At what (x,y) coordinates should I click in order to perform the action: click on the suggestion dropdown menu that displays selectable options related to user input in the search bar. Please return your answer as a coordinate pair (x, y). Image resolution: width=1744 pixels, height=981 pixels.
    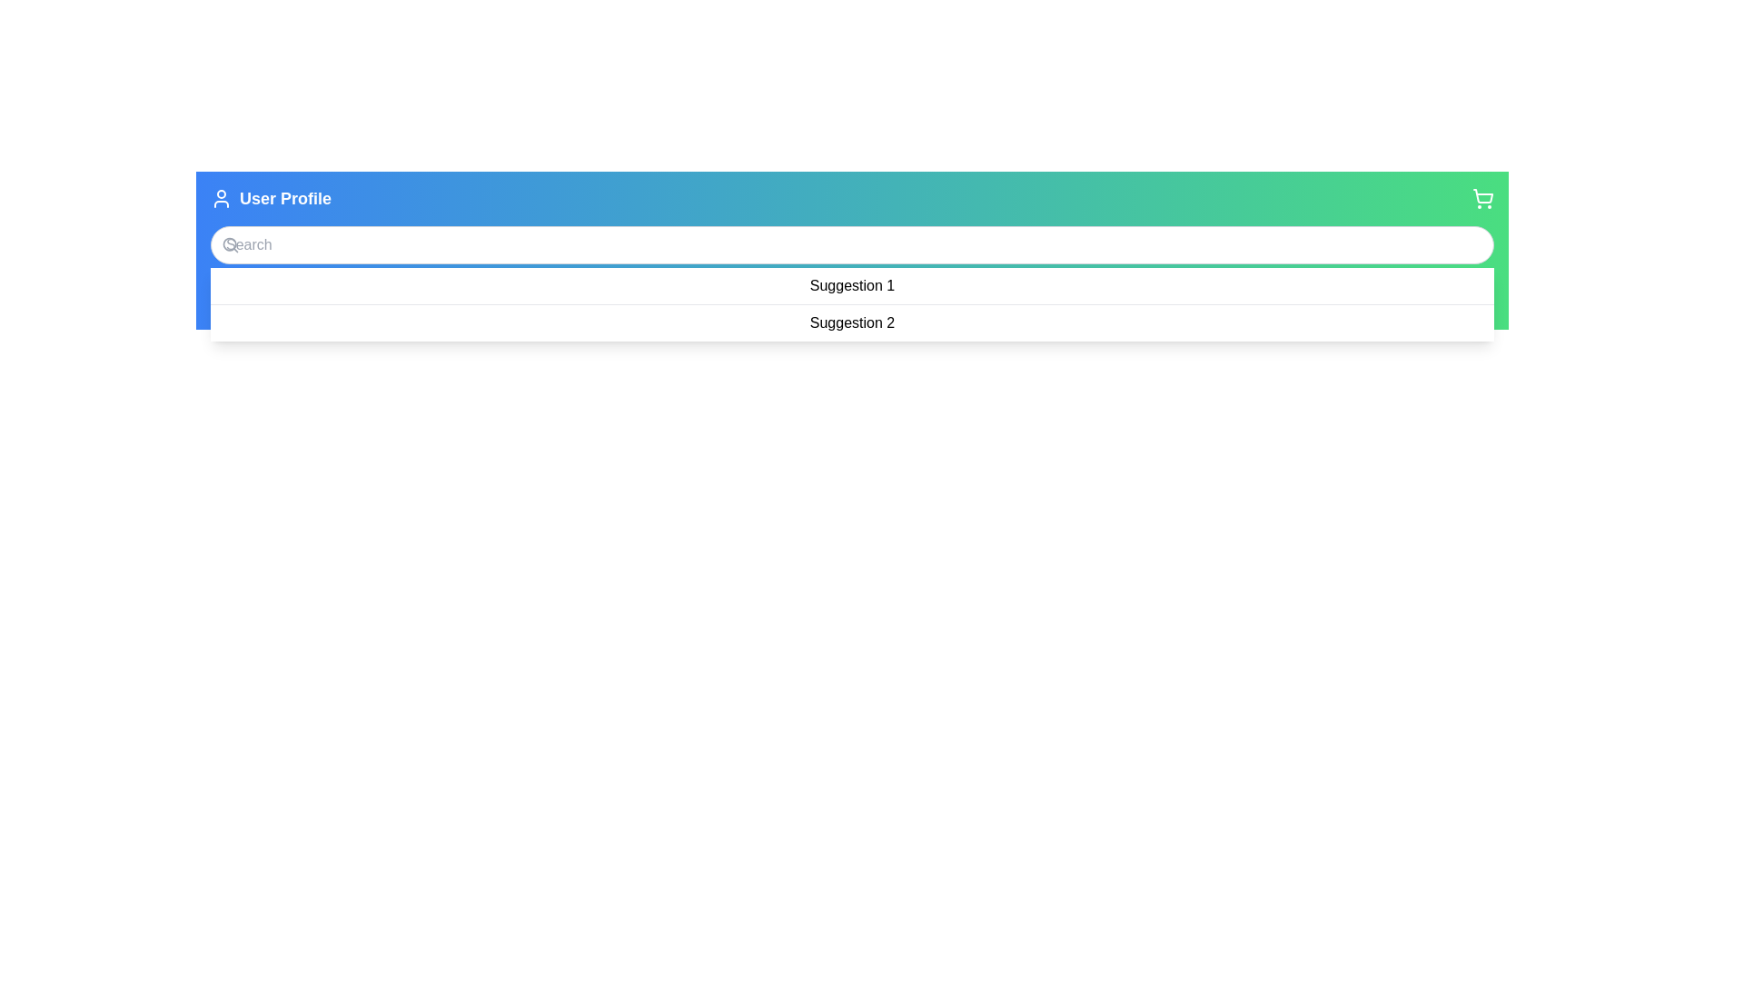
    Looking at the image, I should click on (851, 303).